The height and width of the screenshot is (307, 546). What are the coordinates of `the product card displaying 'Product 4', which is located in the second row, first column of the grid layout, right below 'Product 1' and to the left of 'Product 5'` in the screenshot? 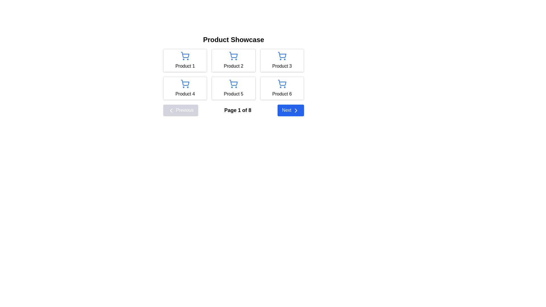 It's located at (185, 88).